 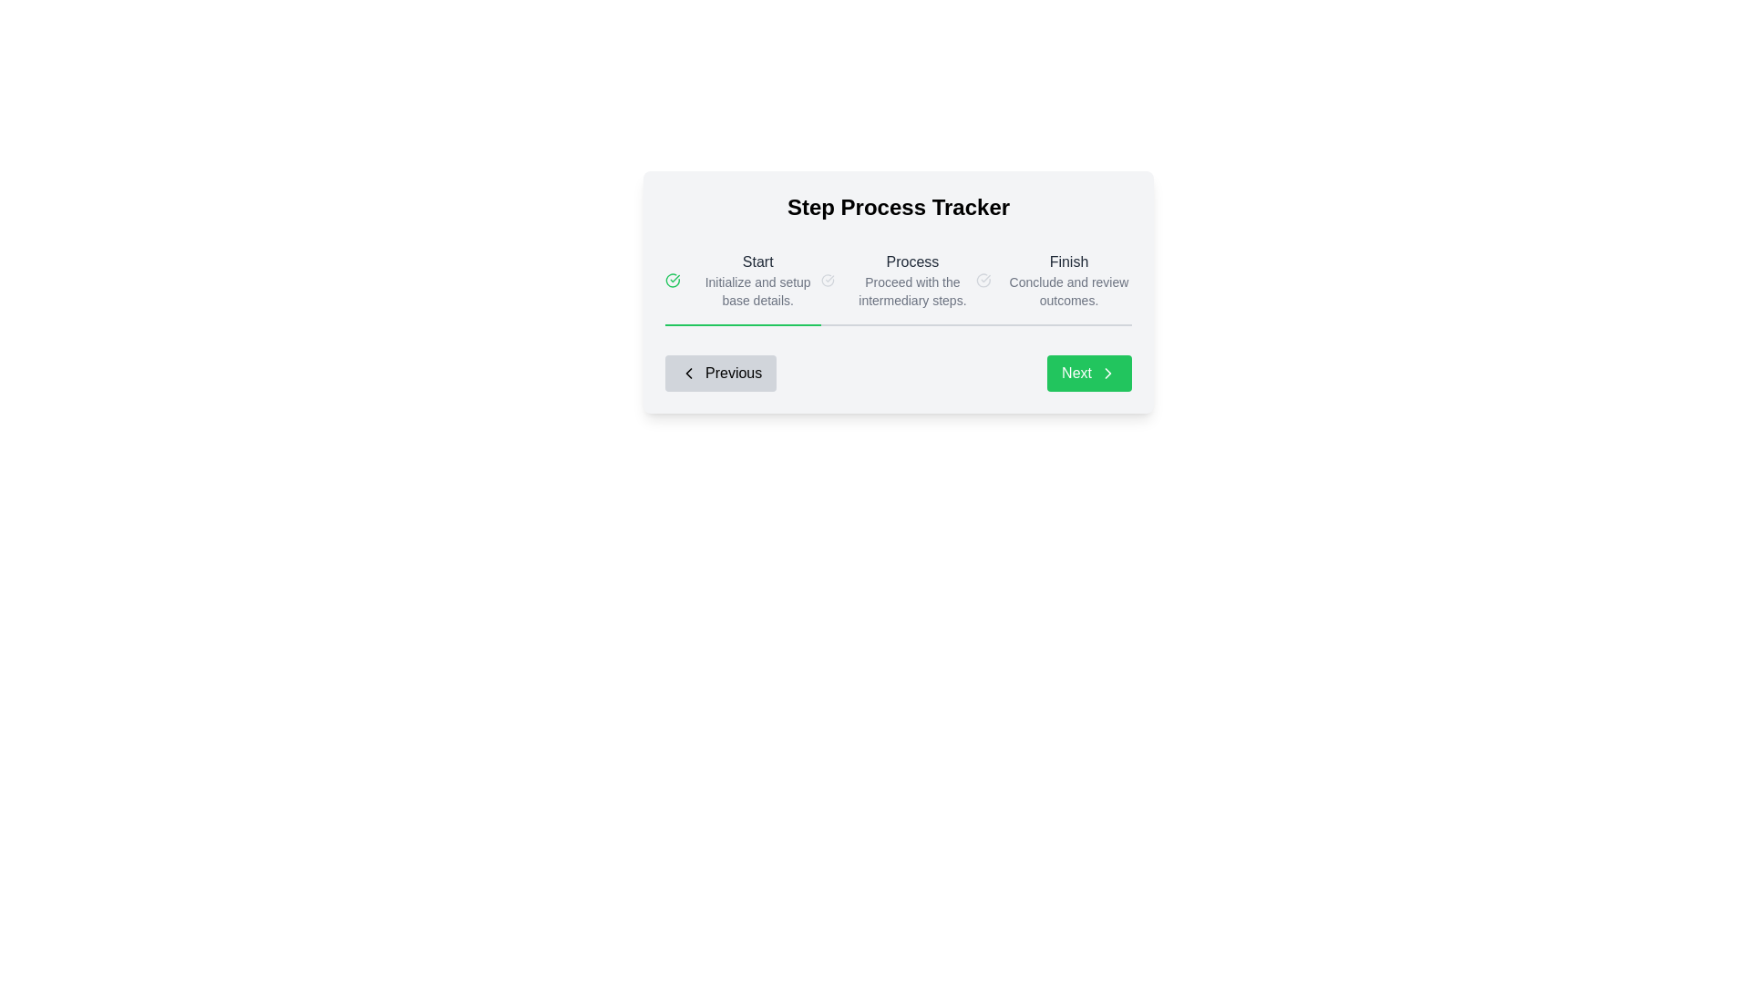 I want to click on the 'Previous' button with a gray background and left-facing arrow icon, so click(x=720, y=372).